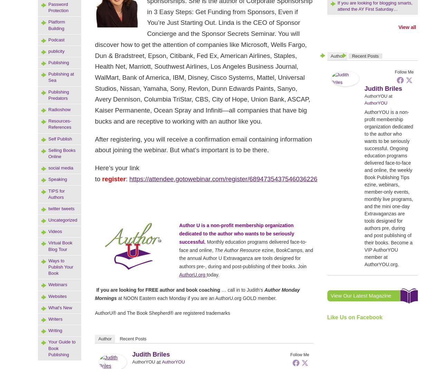 This screenshot has height=369, width=442. Describe the element at coordinates (94, 313) in the screenshot. I see `'AuthorU® and The Book Shepherd® are registered trademarks'` at that location.